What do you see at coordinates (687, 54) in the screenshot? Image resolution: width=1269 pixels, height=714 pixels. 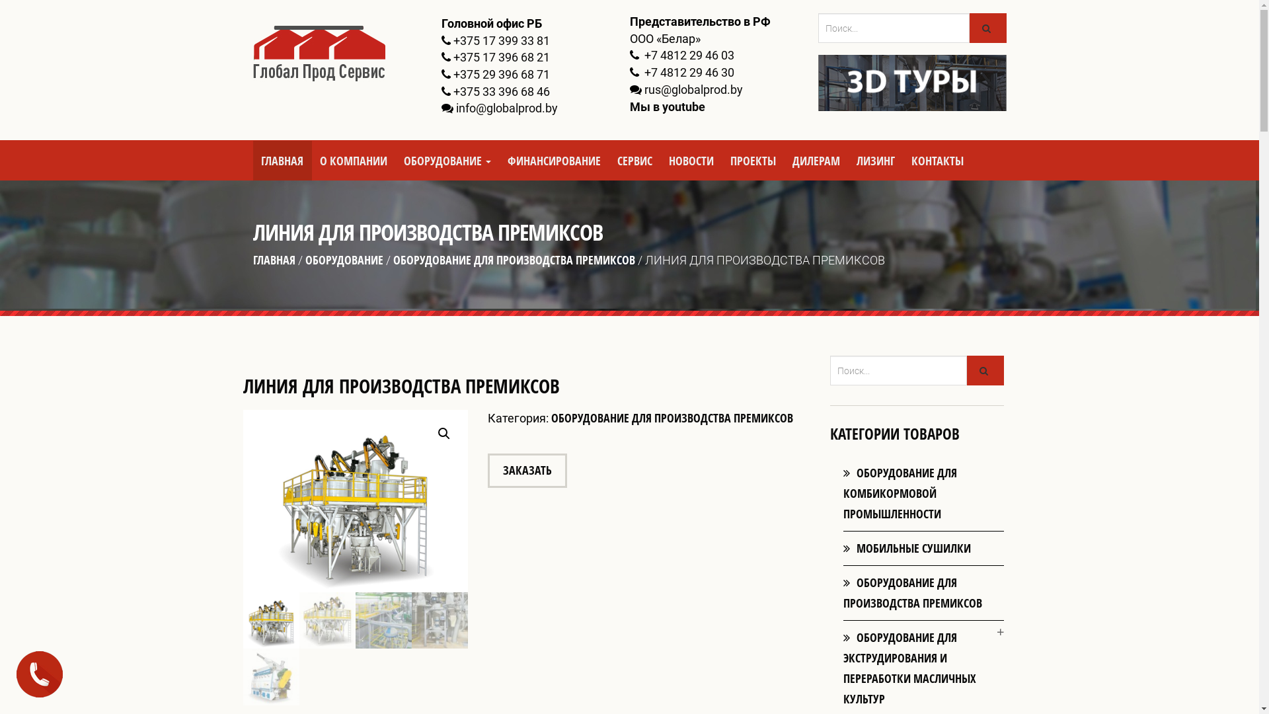 I see `'+7 4812 29 46 03'` at bounding box center [687, 54].